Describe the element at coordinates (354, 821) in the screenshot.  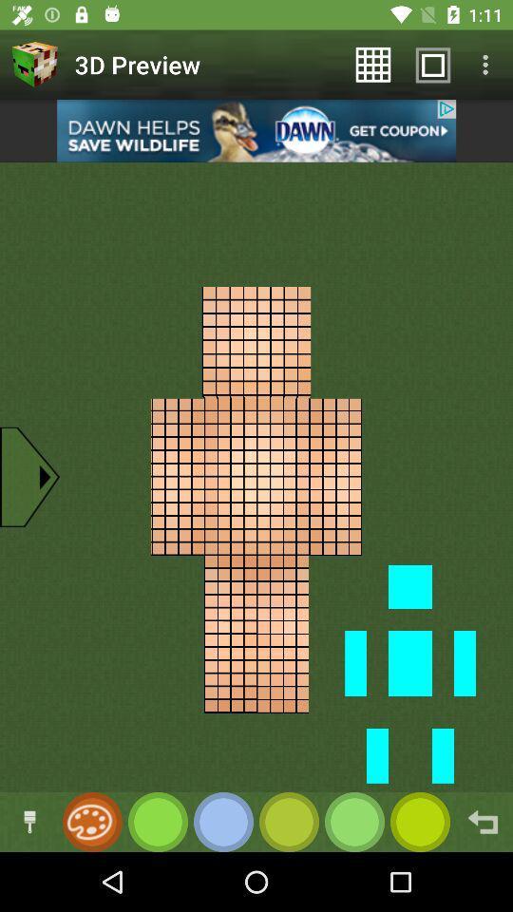
I see `change color` at that location.